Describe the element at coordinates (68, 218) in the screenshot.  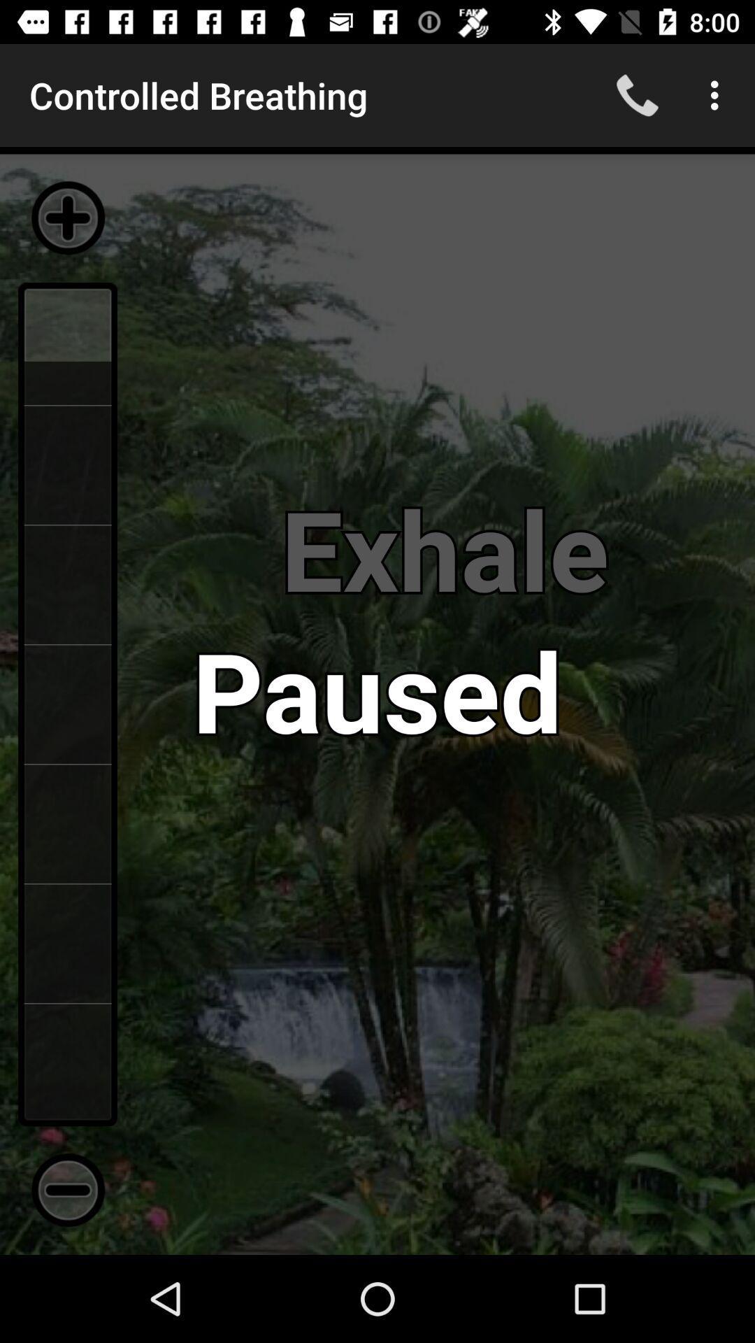
I see `the add icon` at that location.